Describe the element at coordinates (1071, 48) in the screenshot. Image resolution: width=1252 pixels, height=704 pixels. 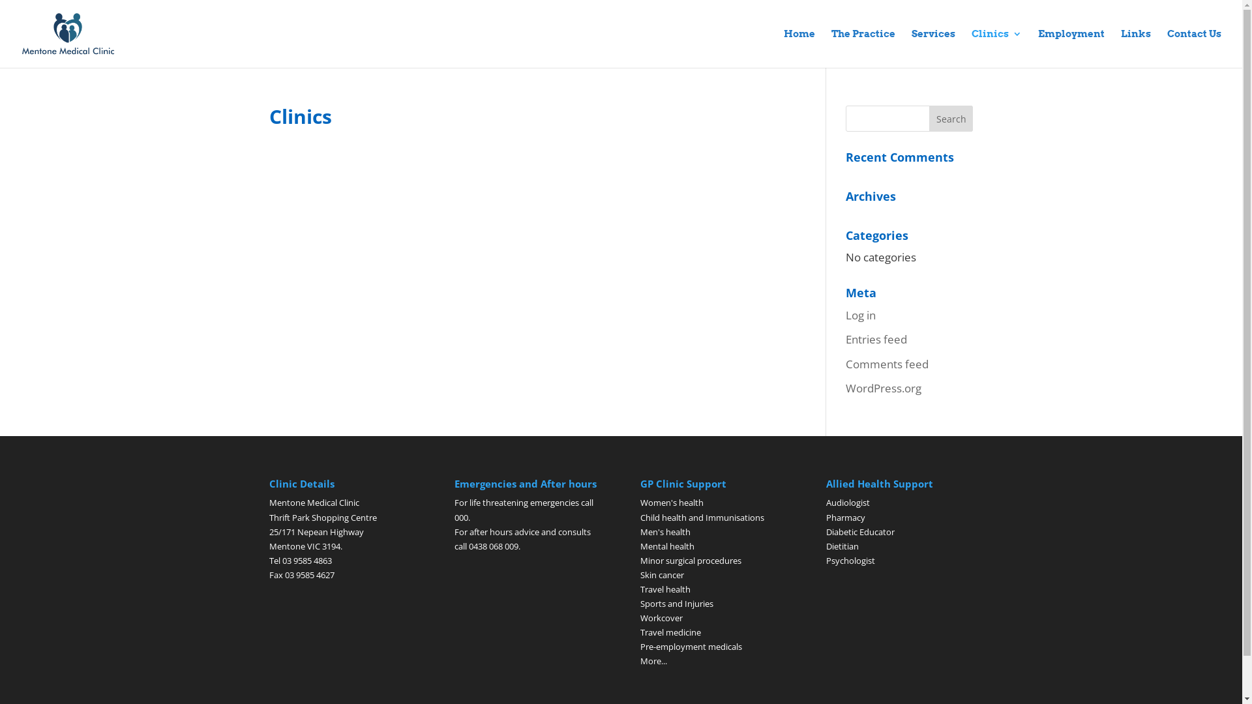
I see `'Employment'` at that location.